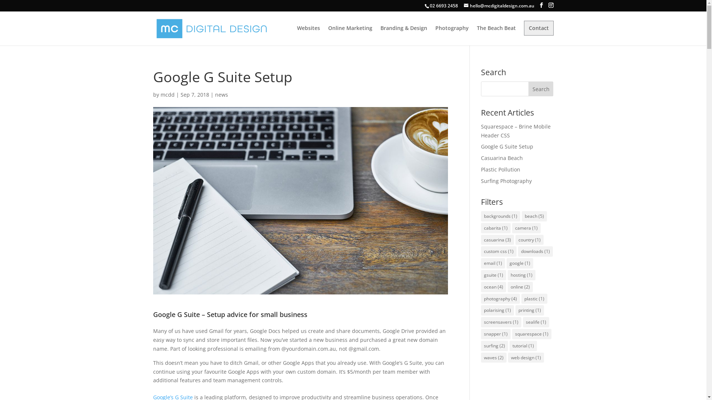  Describe the element at coordinates (500, 298) in the screenshot. I see `'photography (4)'` at that location.